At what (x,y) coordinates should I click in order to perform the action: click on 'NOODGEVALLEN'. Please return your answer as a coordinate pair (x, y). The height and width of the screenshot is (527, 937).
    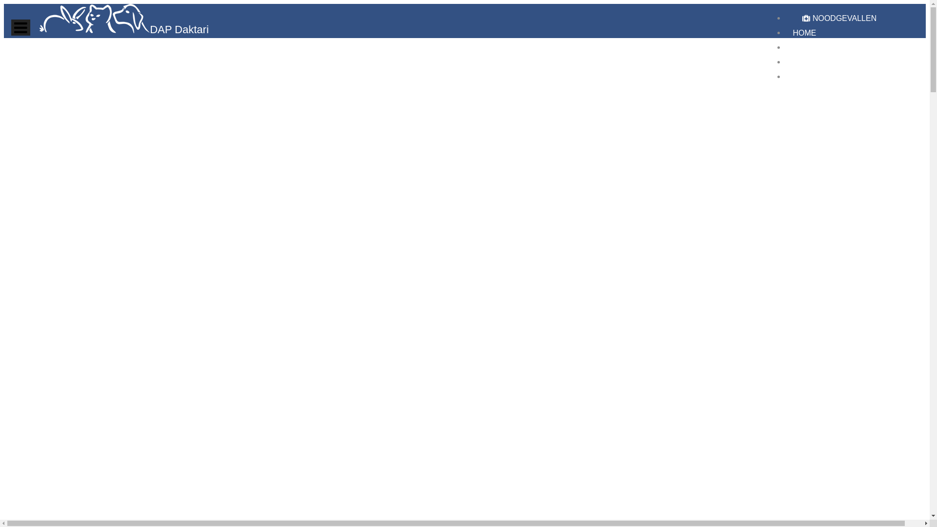
    Looking at the image, I should click on (838, 18).